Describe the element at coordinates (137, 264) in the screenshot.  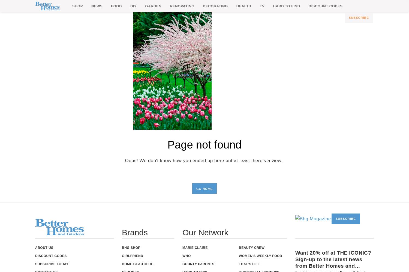
I see `'Home Beautiful'` at that location.